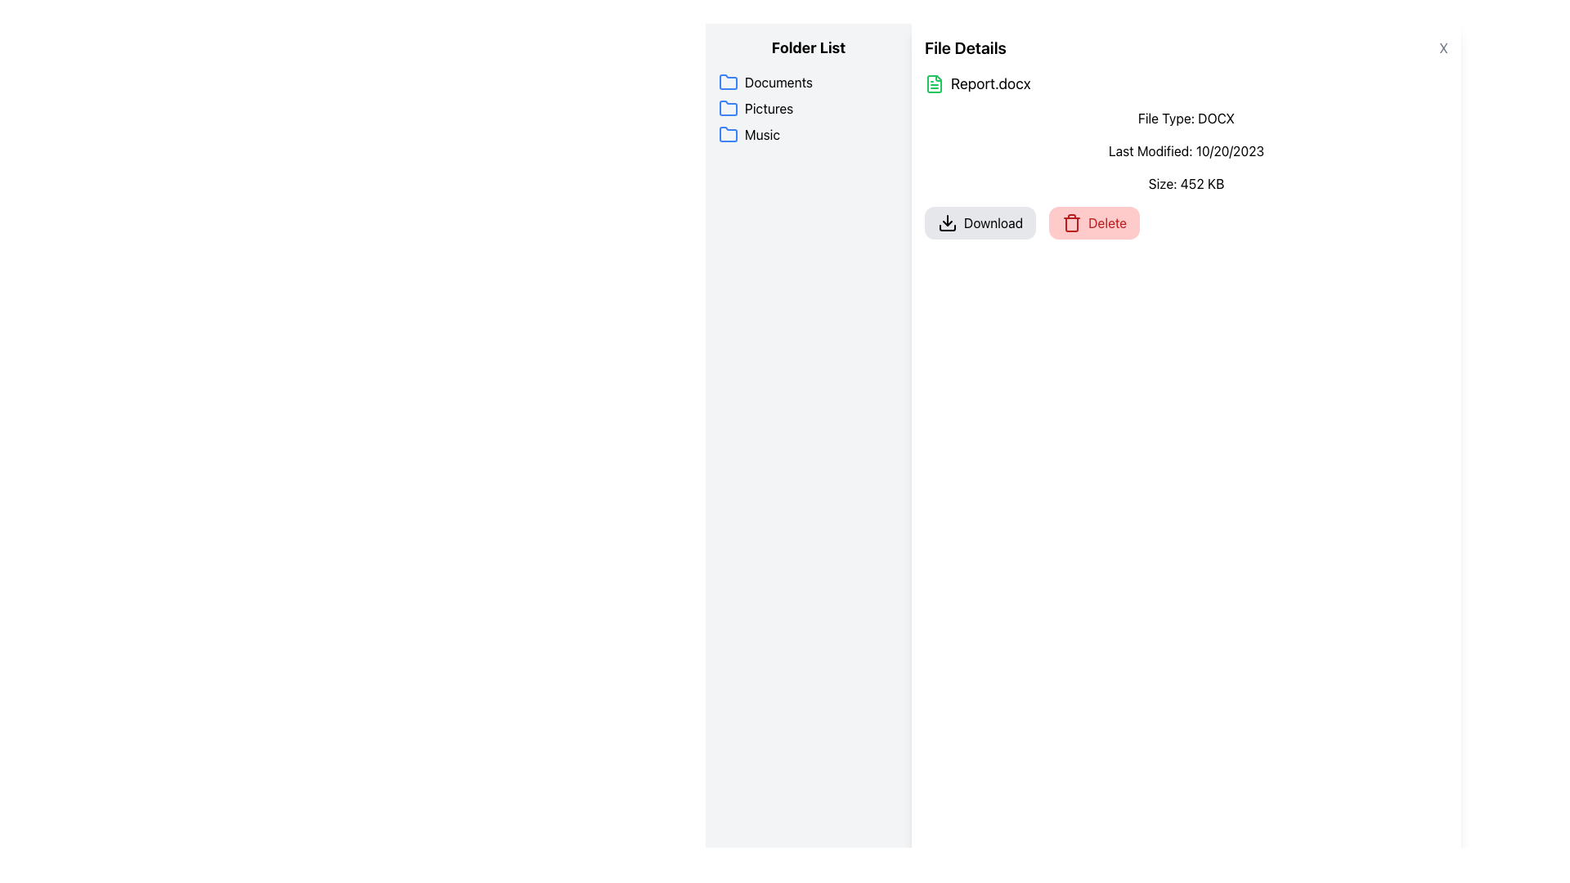 Image resolution: width=1570 pixels, height=883 pixels. Describe the element at coordinates (728, 133) in the screenshot. I see `the 'Music' folder icon in the left sidebar under the 'Folder List' heading` at that location.